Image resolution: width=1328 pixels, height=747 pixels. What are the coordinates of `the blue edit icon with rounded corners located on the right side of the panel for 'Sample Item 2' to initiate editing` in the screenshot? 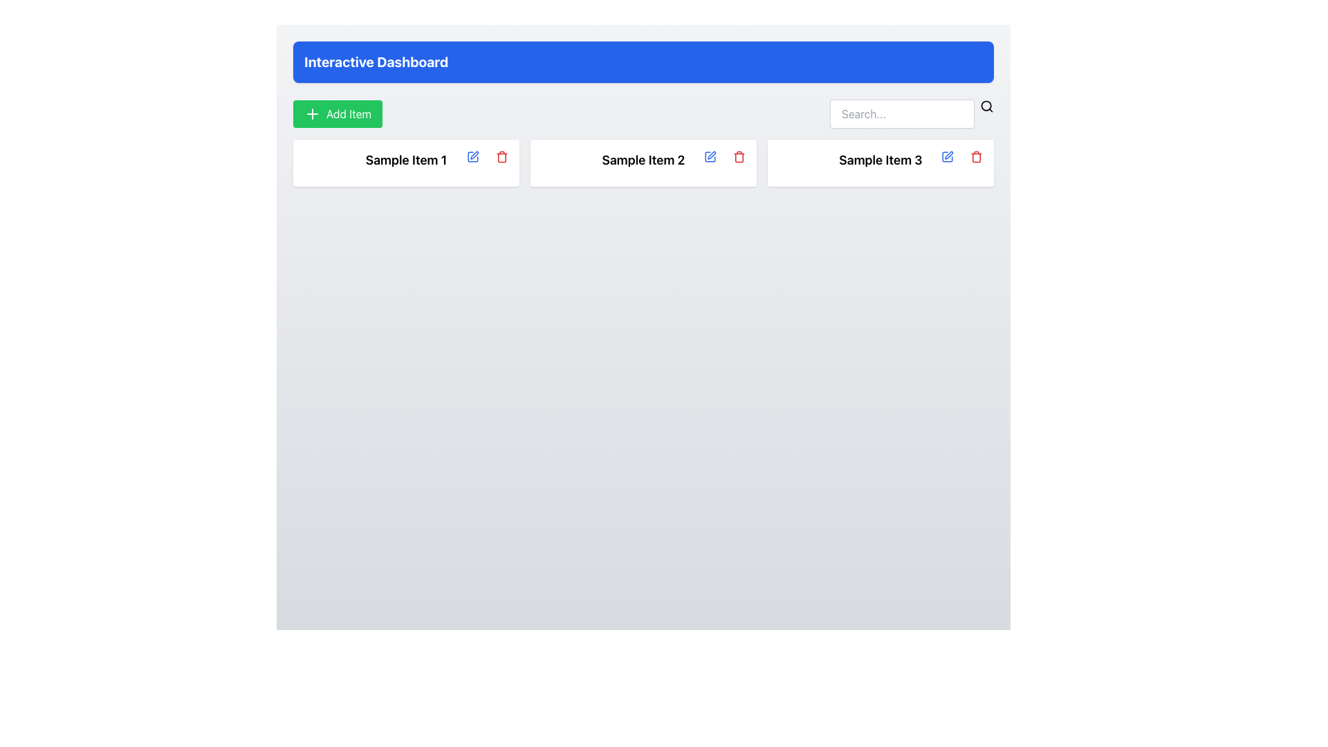 It's located at (710, 156).